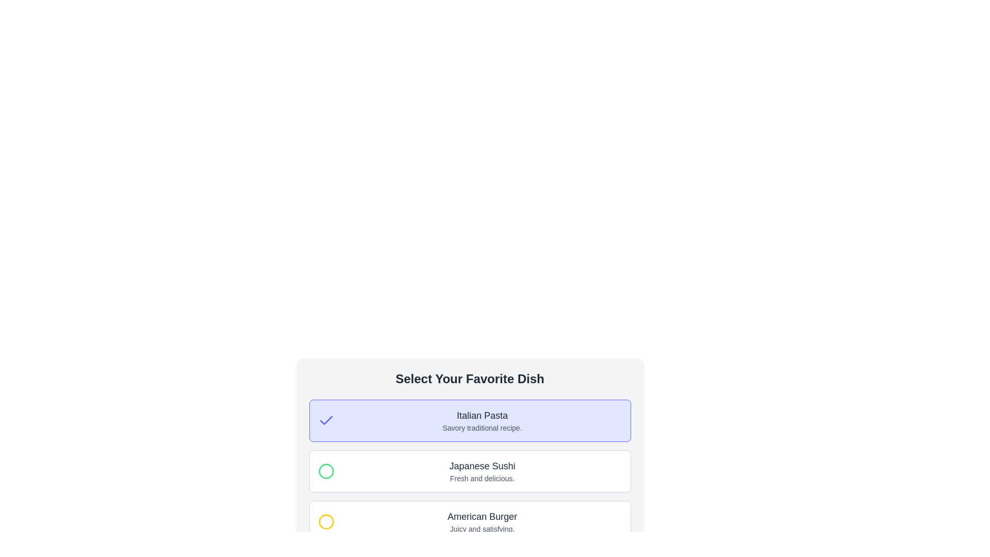  I want to click on the radio button styled with a circular outline, so click(325, 471).